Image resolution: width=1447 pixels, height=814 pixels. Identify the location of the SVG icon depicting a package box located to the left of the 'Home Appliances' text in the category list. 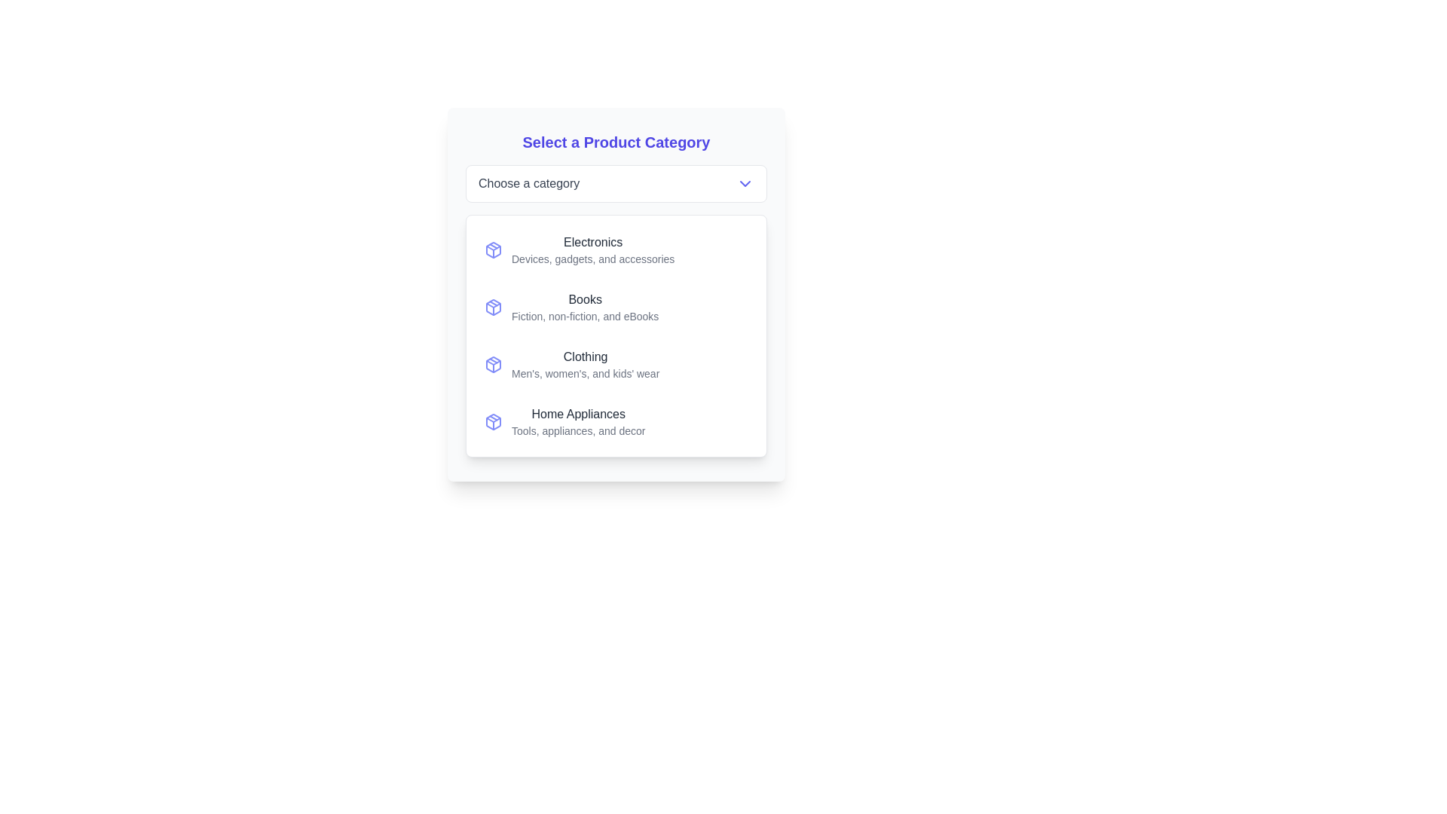
(493, 421).